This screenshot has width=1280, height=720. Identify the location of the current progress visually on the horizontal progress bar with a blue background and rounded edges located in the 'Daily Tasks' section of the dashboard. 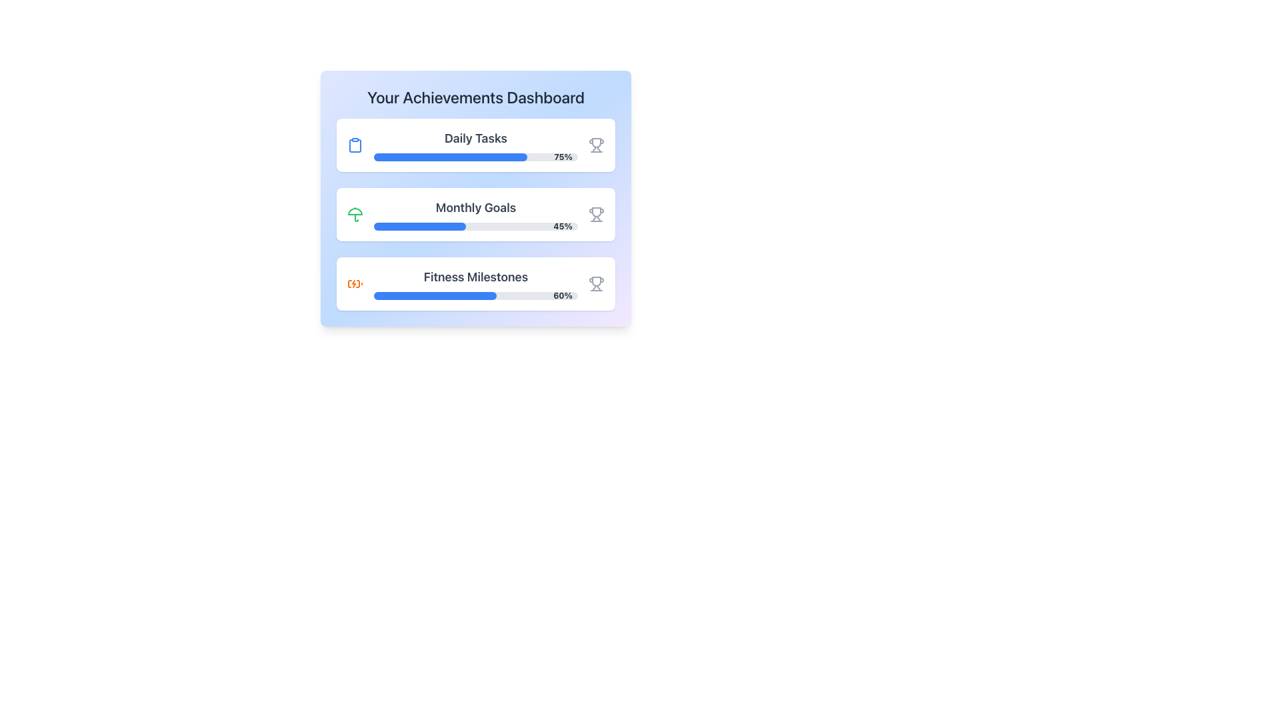
(450, 156).